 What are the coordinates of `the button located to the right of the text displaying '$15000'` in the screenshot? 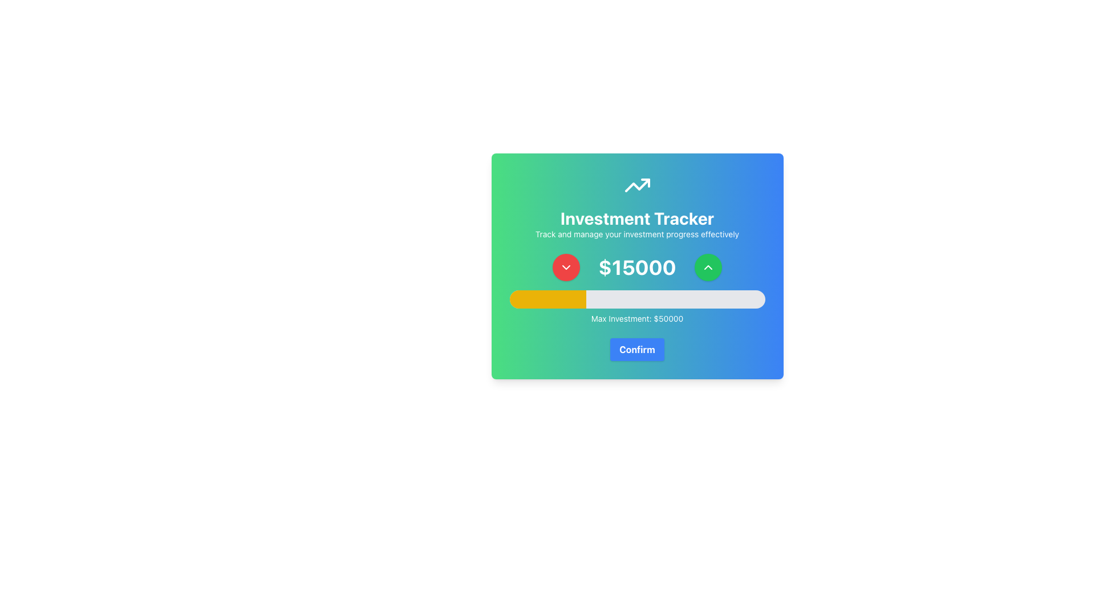 It's located at (707, 268).